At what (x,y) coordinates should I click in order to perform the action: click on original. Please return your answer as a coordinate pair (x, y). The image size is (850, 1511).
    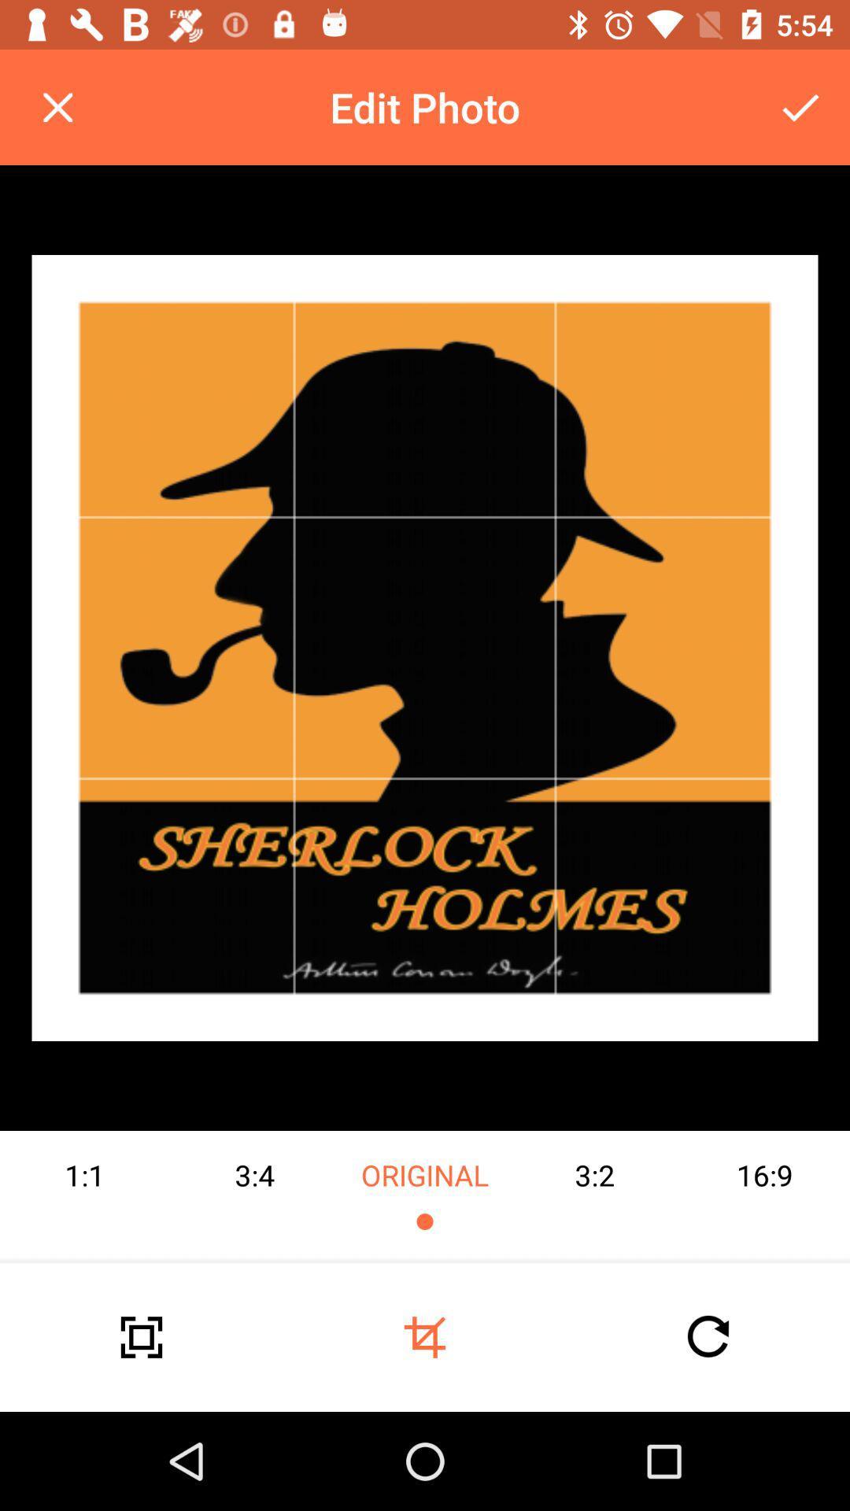
    Looking at the image, I should click on (425, 1196).